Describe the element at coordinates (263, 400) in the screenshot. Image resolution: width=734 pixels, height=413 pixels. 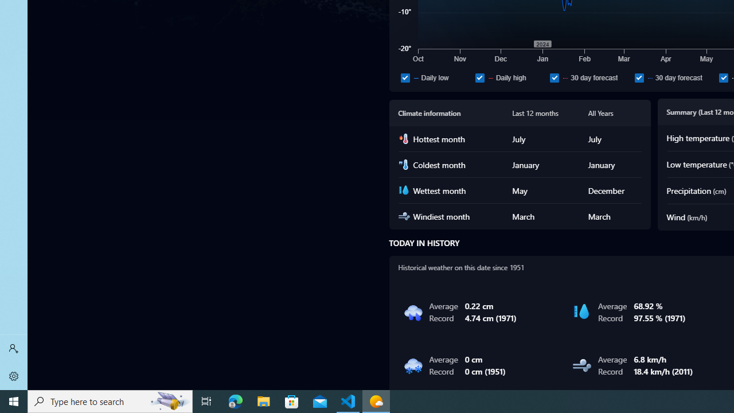
I see `'File Explorer'` at that location.